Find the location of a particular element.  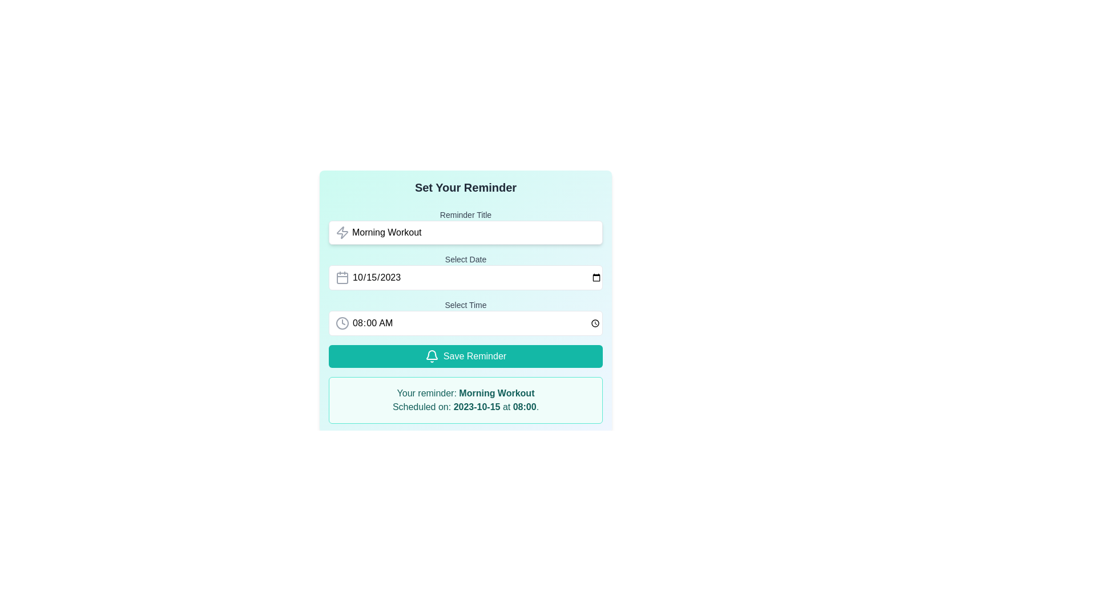

the notification text block styled with a teal background that contains the reminder for 'Morning Workout' scheduled on '2023-10-15 at 08:00.' is located at coordinates (466, 400).